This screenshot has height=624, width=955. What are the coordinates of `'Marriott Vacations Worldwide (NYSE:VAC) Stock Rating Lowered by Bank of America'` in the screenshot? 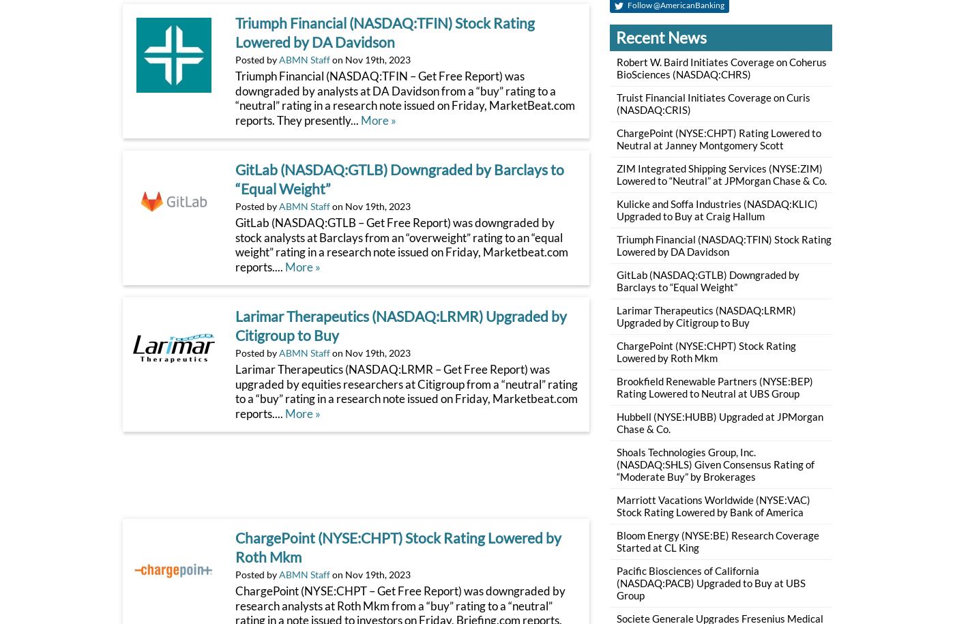 It's located at (712, 505).